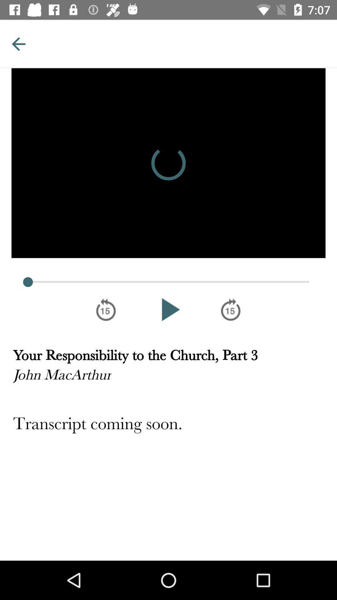 The height and width of the screenshot is (600, 337). What do you see at coordinates (231, 309) in the screenshot?
I see `fast forward` at bounding box center [231, 309].